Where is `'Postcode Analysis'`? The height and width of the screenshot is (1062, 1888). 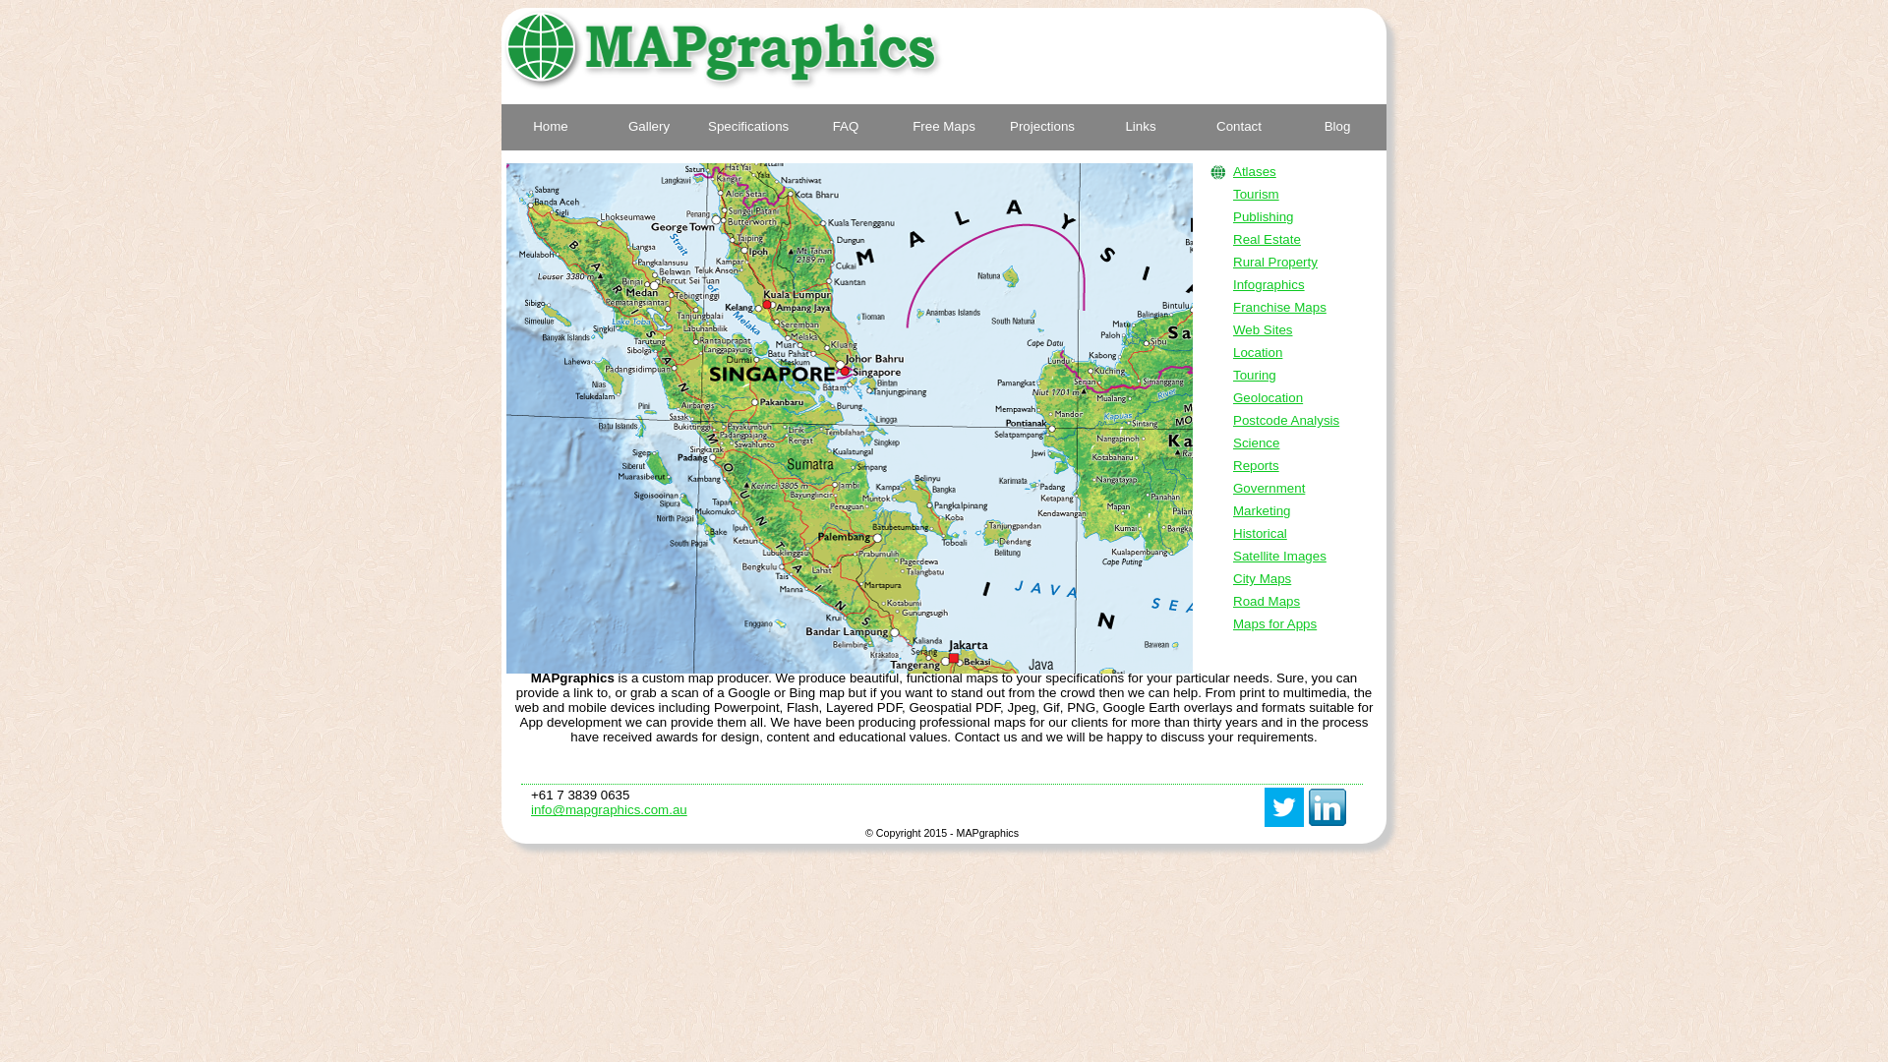
'Postcode Analysis' is located at coordinates (1231, 419).